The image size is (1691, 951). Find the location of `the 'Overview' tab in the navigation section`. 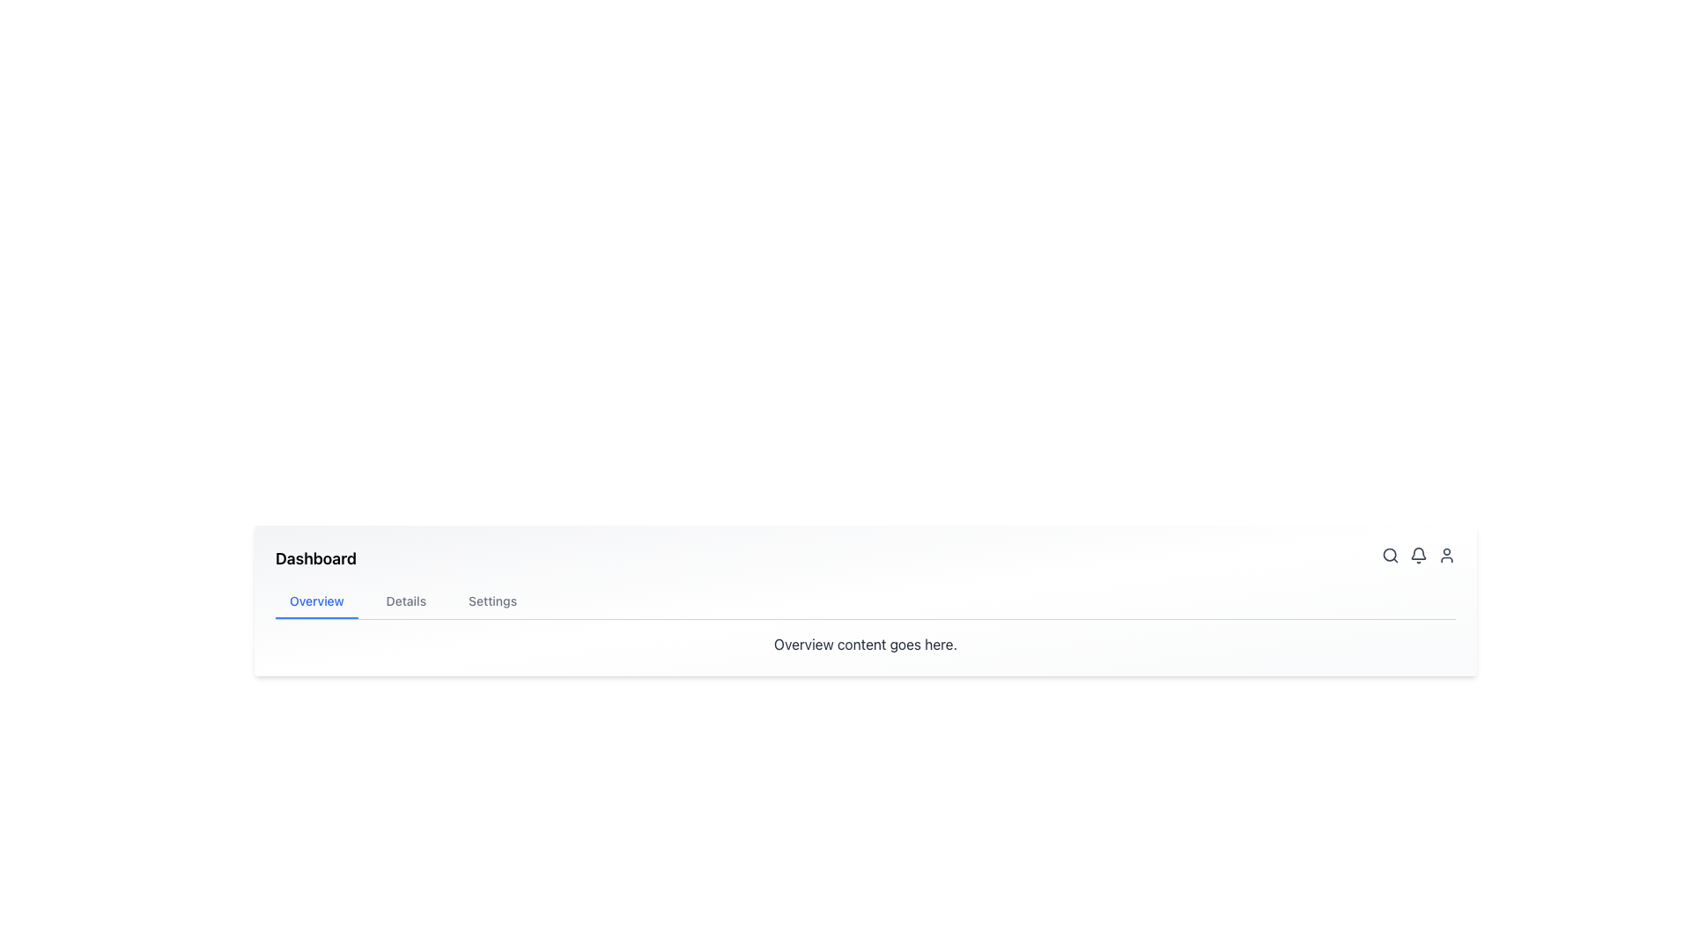

the 'Overview' tab in the navigation section is located at coordinates (316, 601).